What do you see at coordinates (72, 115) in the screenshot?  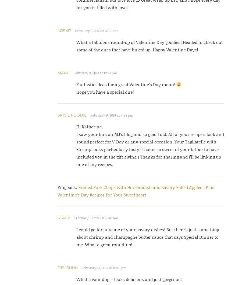 I see `'Spicie Foodie'` at bounding box center [72, 115].